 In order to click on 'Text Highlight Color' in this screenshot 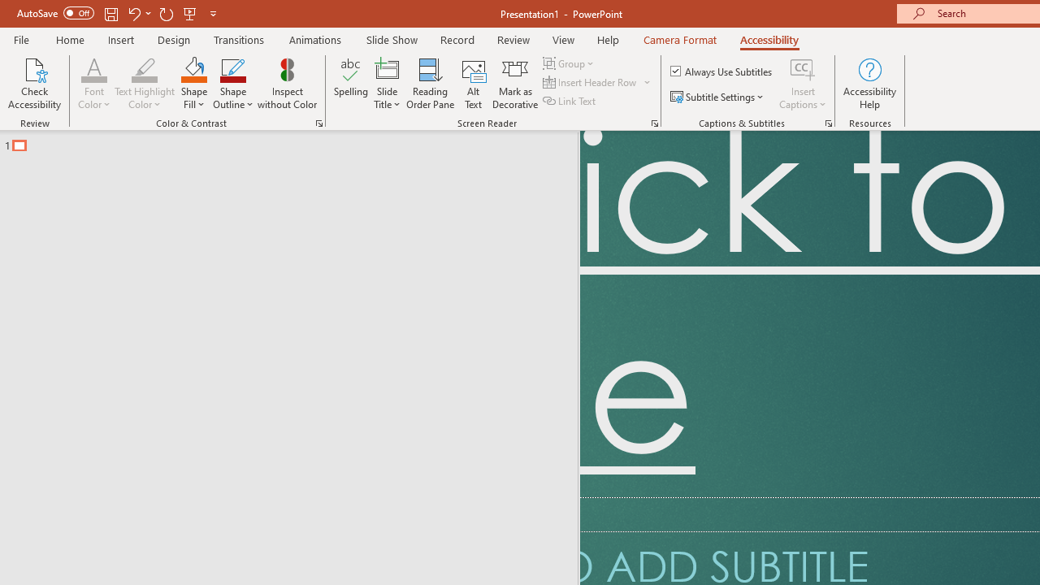, I will do `click(145, 84)`.